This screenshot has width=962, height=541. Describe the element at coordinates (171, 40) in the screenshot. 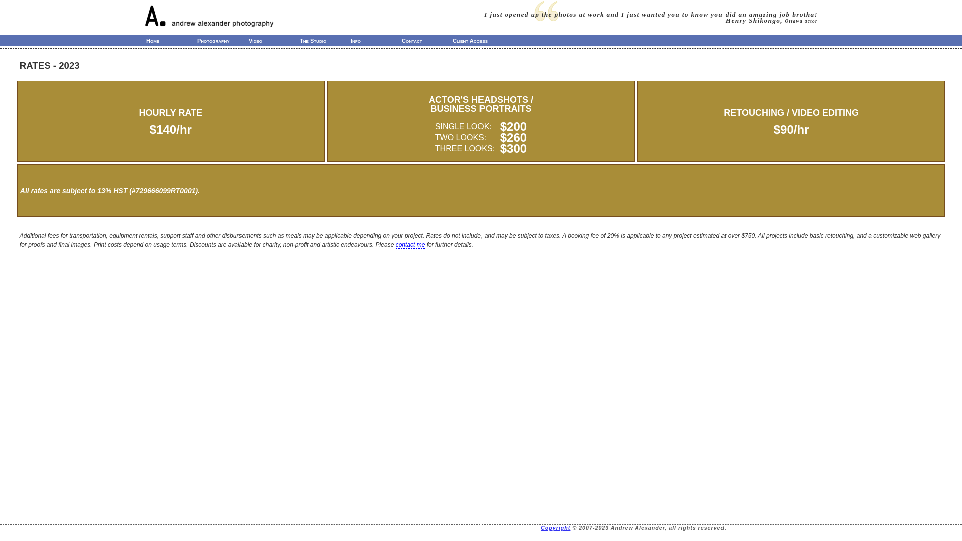

I see `'Home'` at that location.